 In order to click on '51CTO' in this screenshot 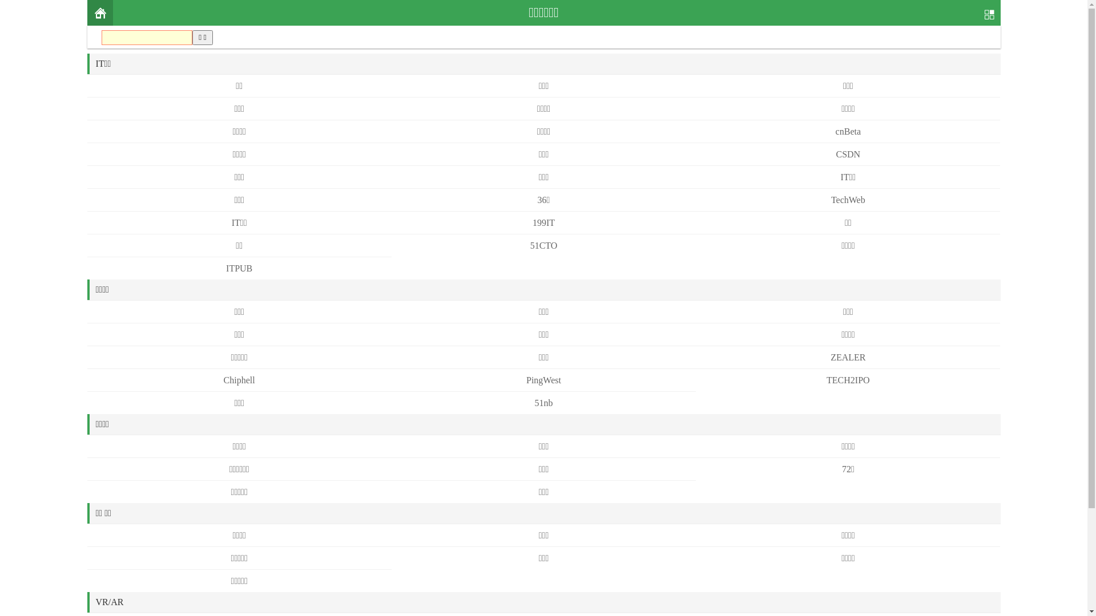, I will do `click(543, 245)`.